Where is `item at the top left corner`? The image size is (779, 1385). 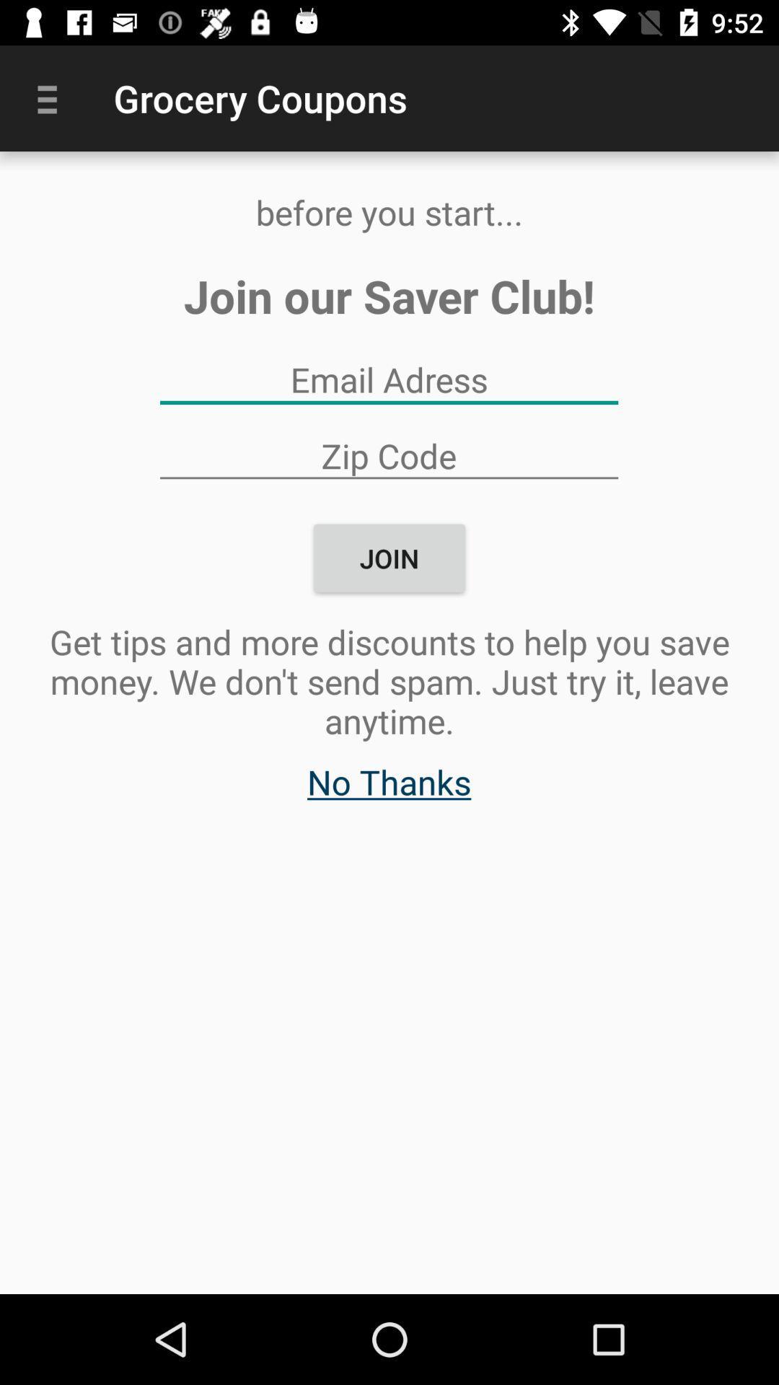
item at the top left corner is located at coordinates (52, 97).